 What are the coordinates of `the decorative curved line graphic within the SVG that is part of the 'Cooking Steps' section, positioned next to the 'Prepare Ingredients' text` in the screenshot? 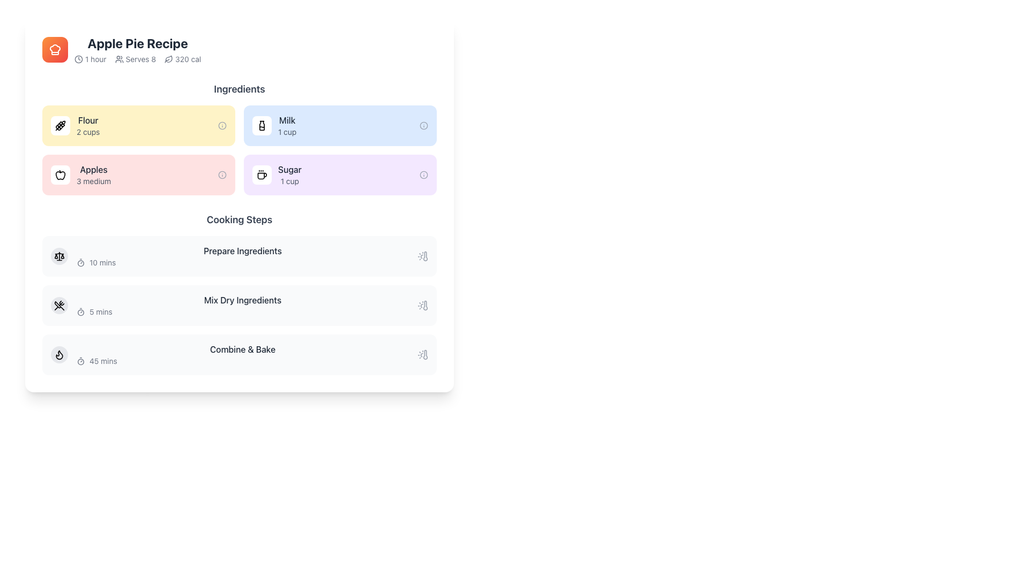 It's located at (58, 254).